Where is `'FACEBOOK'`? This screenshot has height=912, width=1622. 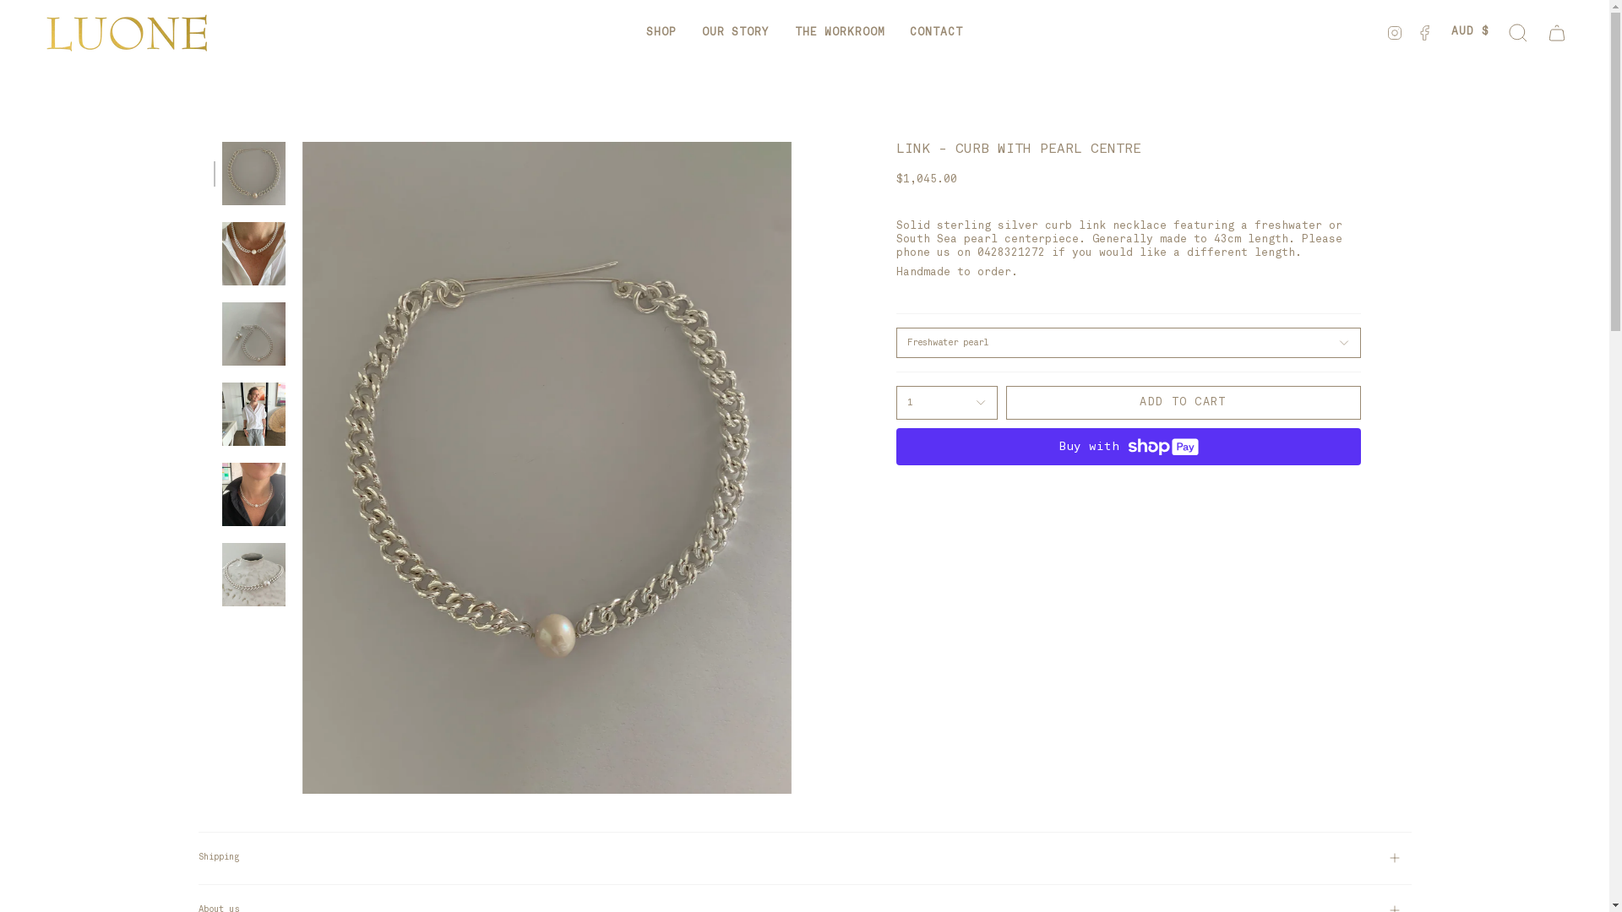 'FACEBOOK' is located at coordinates (1423, 32).